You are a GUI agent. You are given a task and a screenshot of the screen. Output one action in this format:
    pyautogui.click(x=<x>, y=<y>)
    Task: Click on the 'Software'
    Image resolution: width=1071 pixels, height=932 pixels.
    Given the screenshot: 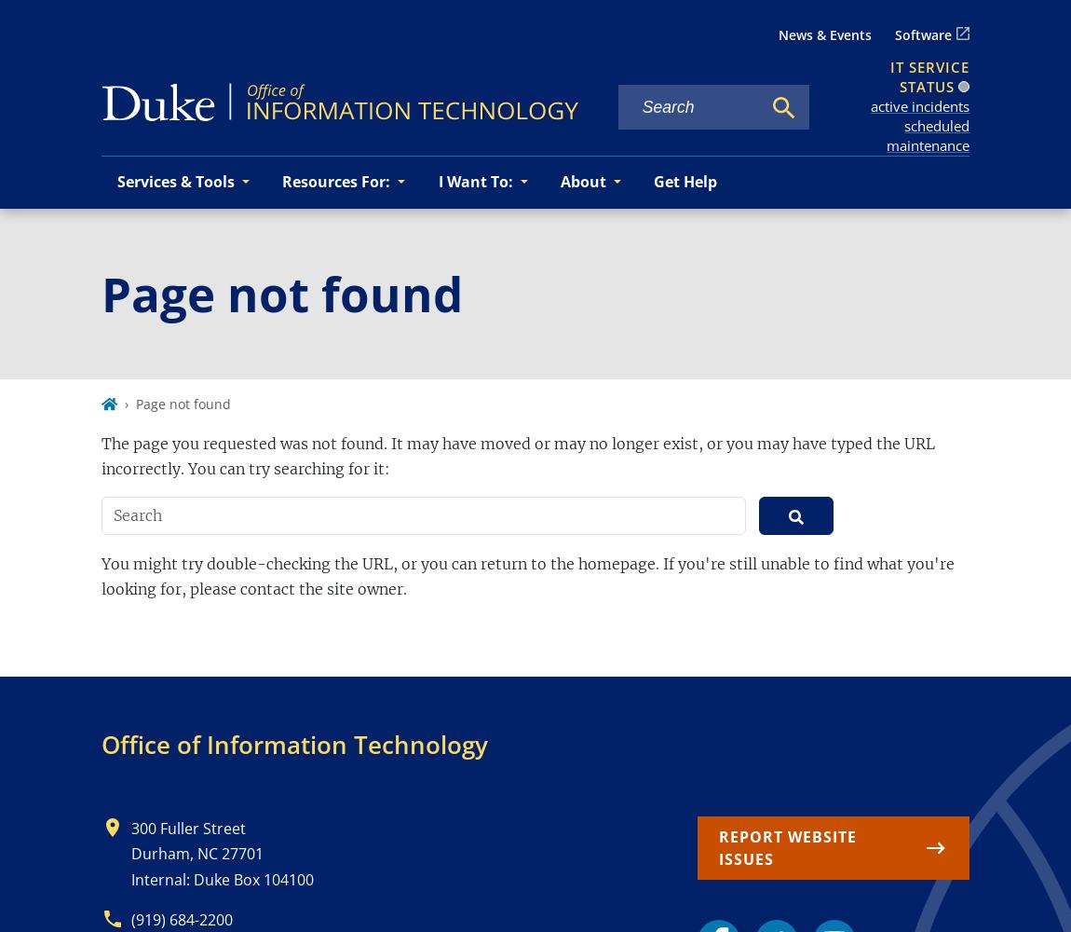 What is the action you would take?
    pyautogui.click(x=895, y=34)
    